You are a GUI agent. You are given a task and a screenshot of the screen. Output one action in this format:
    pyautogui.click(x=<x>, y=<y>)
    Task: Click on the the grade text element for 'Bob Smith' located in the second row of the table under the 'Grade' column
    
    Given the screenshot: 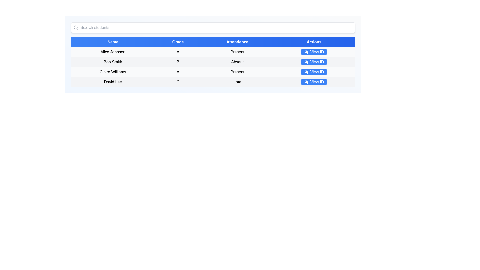 What is the action you would take?
    pyautogui.click(x=178, y=62)
    